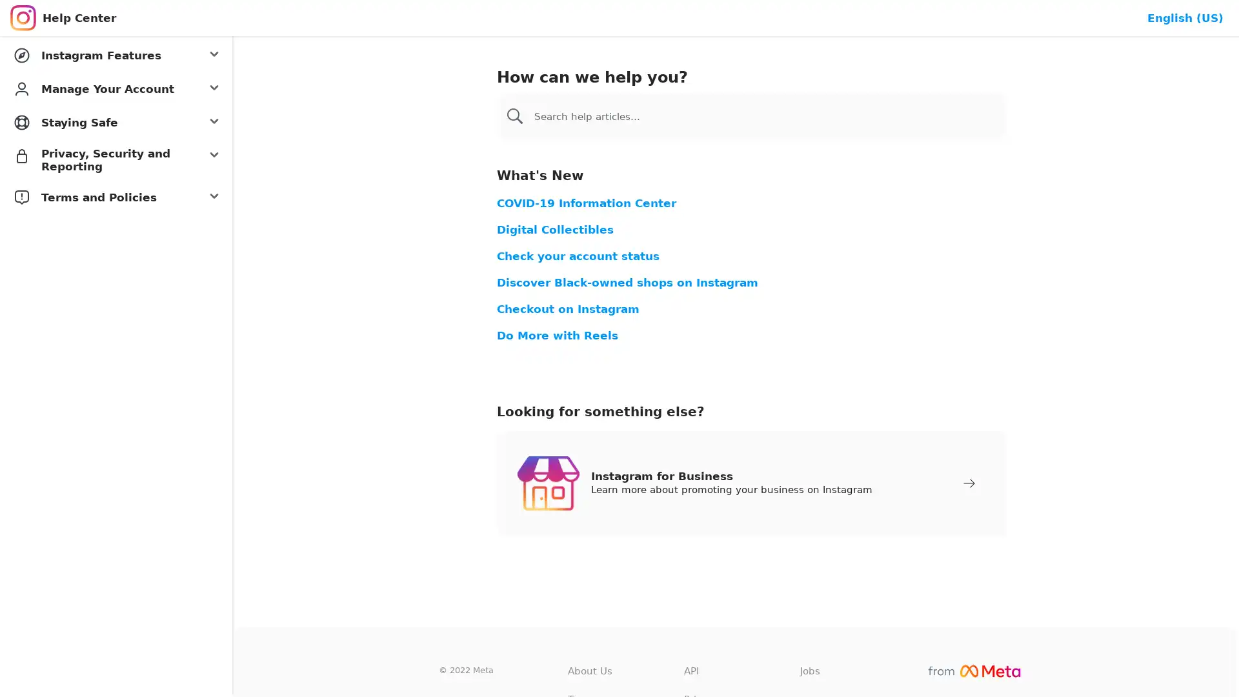 The image size is (1239, 697). I want to click on Change Language: English (US), so click(1185, 17).